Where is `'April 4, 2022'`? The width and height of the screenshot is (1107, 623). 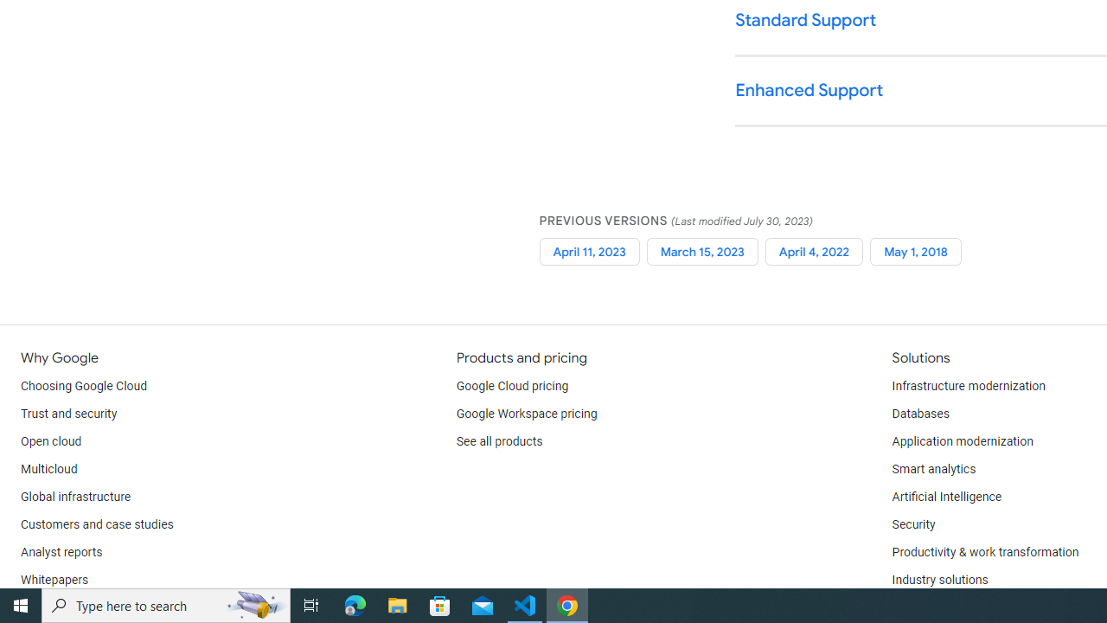 'April 4, 2022' is located at coordinates (813, 251).